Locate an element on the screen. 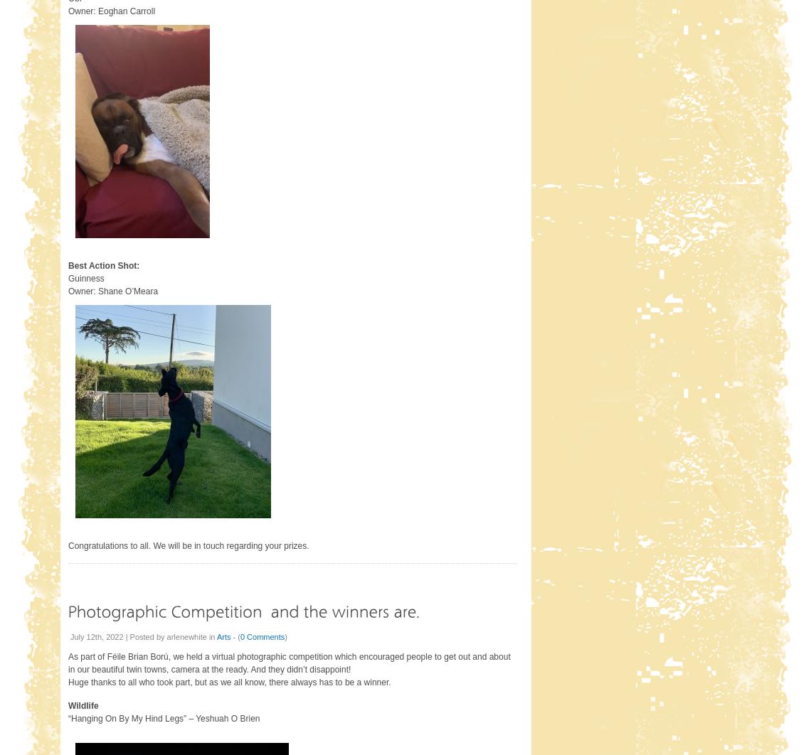 This screenshot has width=811, height=755. 'As part of Féile Brian Ború, we held a virtual photographic competition which encouraged people to get out and about in our beautiful twin towns, camera at the ready. And they didn’t disappoint!' is located at coordinates (288, 662).